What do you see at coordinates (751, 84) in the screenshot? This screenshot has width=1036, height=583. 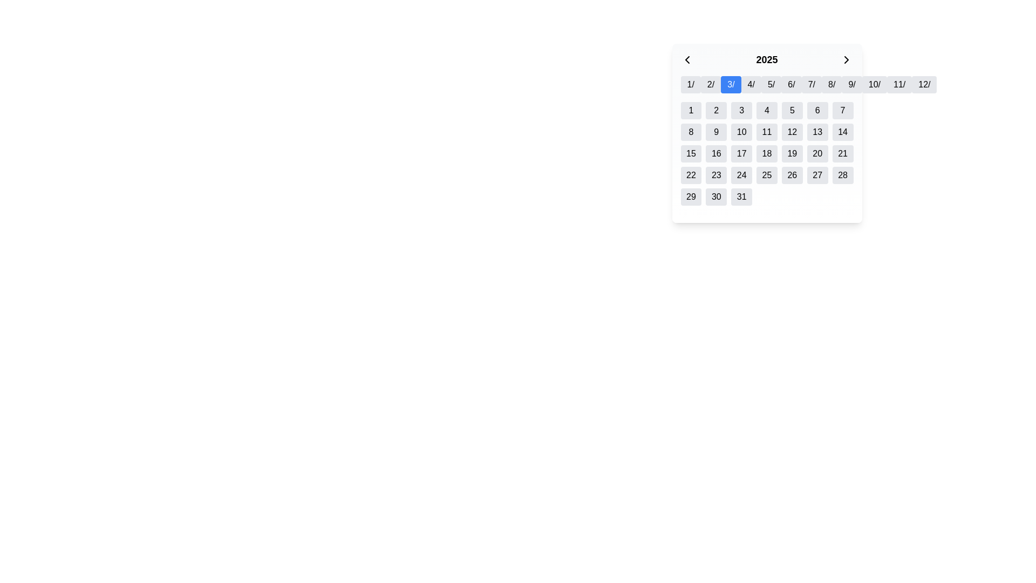 I see `the button representing the fourth month` at bounding box center [751, 84].